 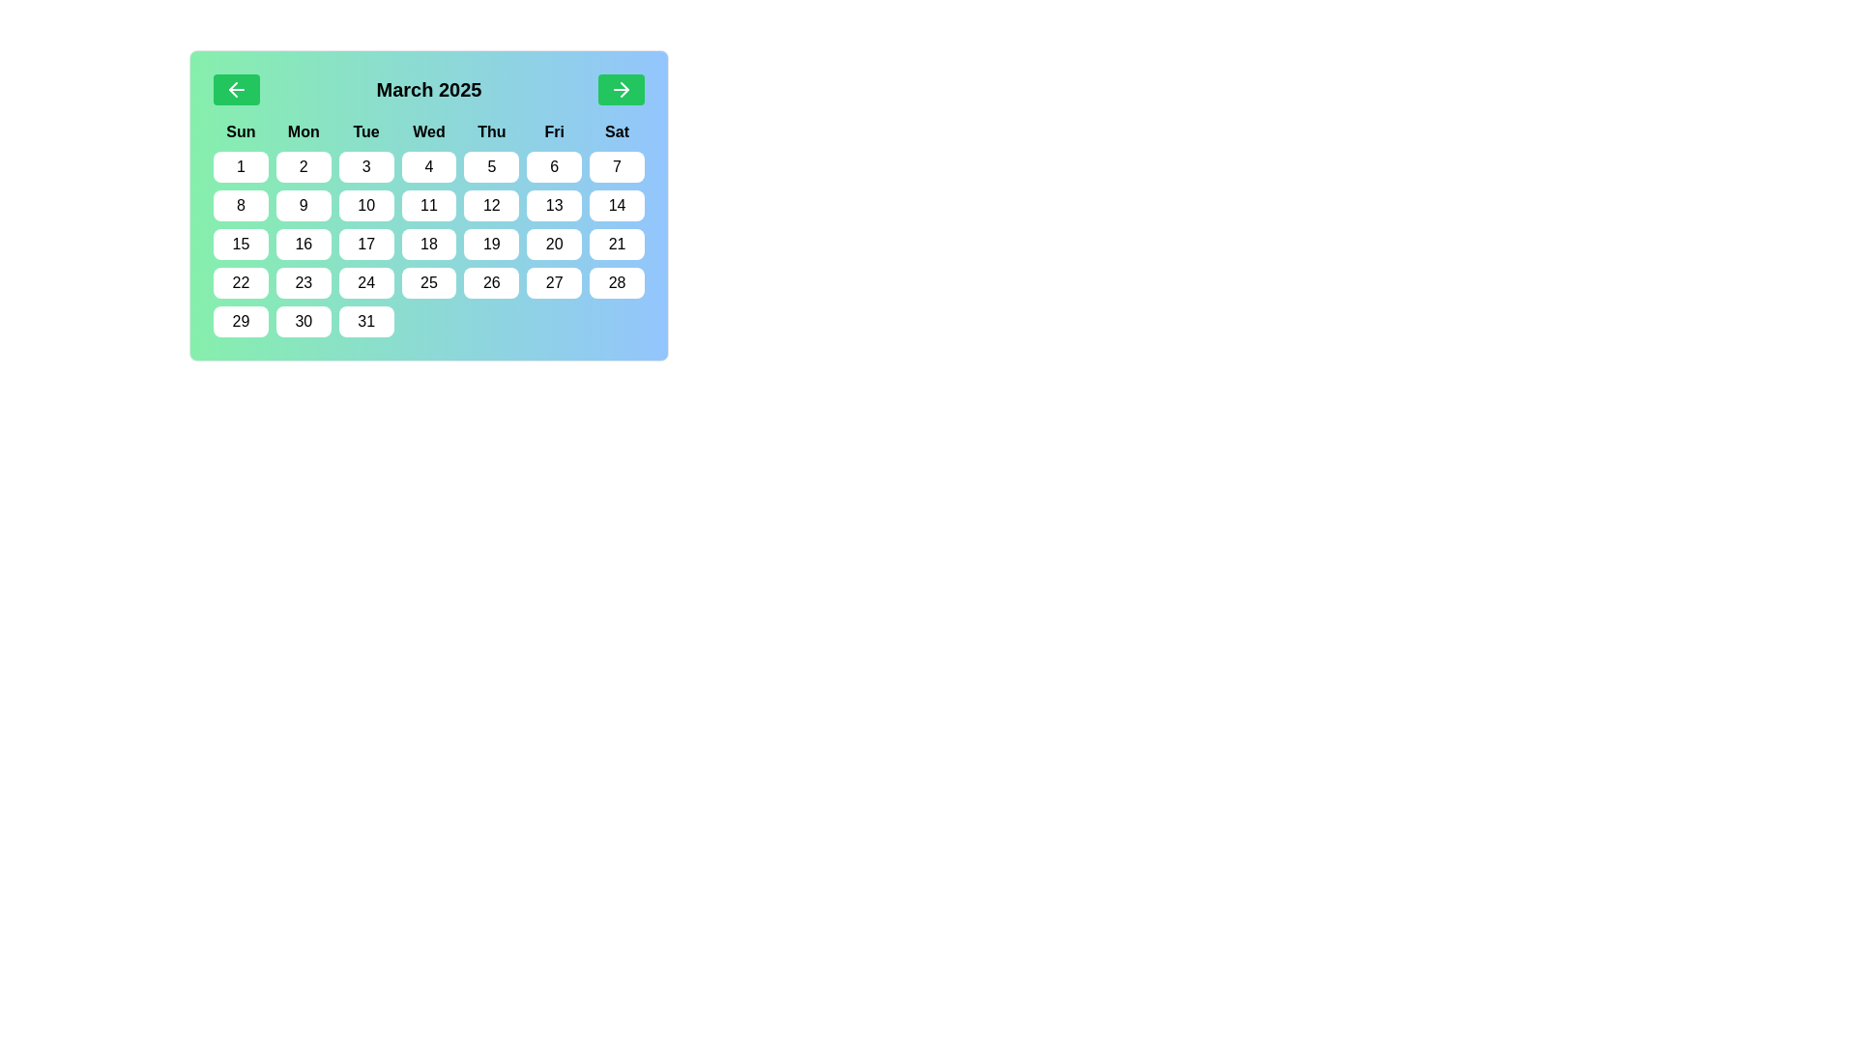 I want to click on the button representing the date 25th in the calendar view, so click(x=427, y=283).